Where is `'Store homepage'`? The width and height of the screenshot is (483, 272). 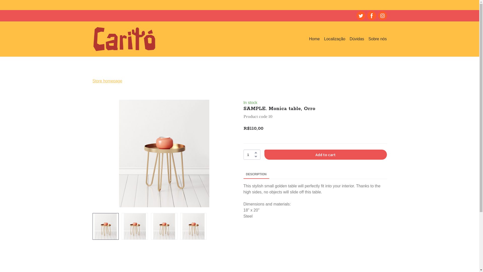
'Store homepage' is located at coordinates (107, 81).